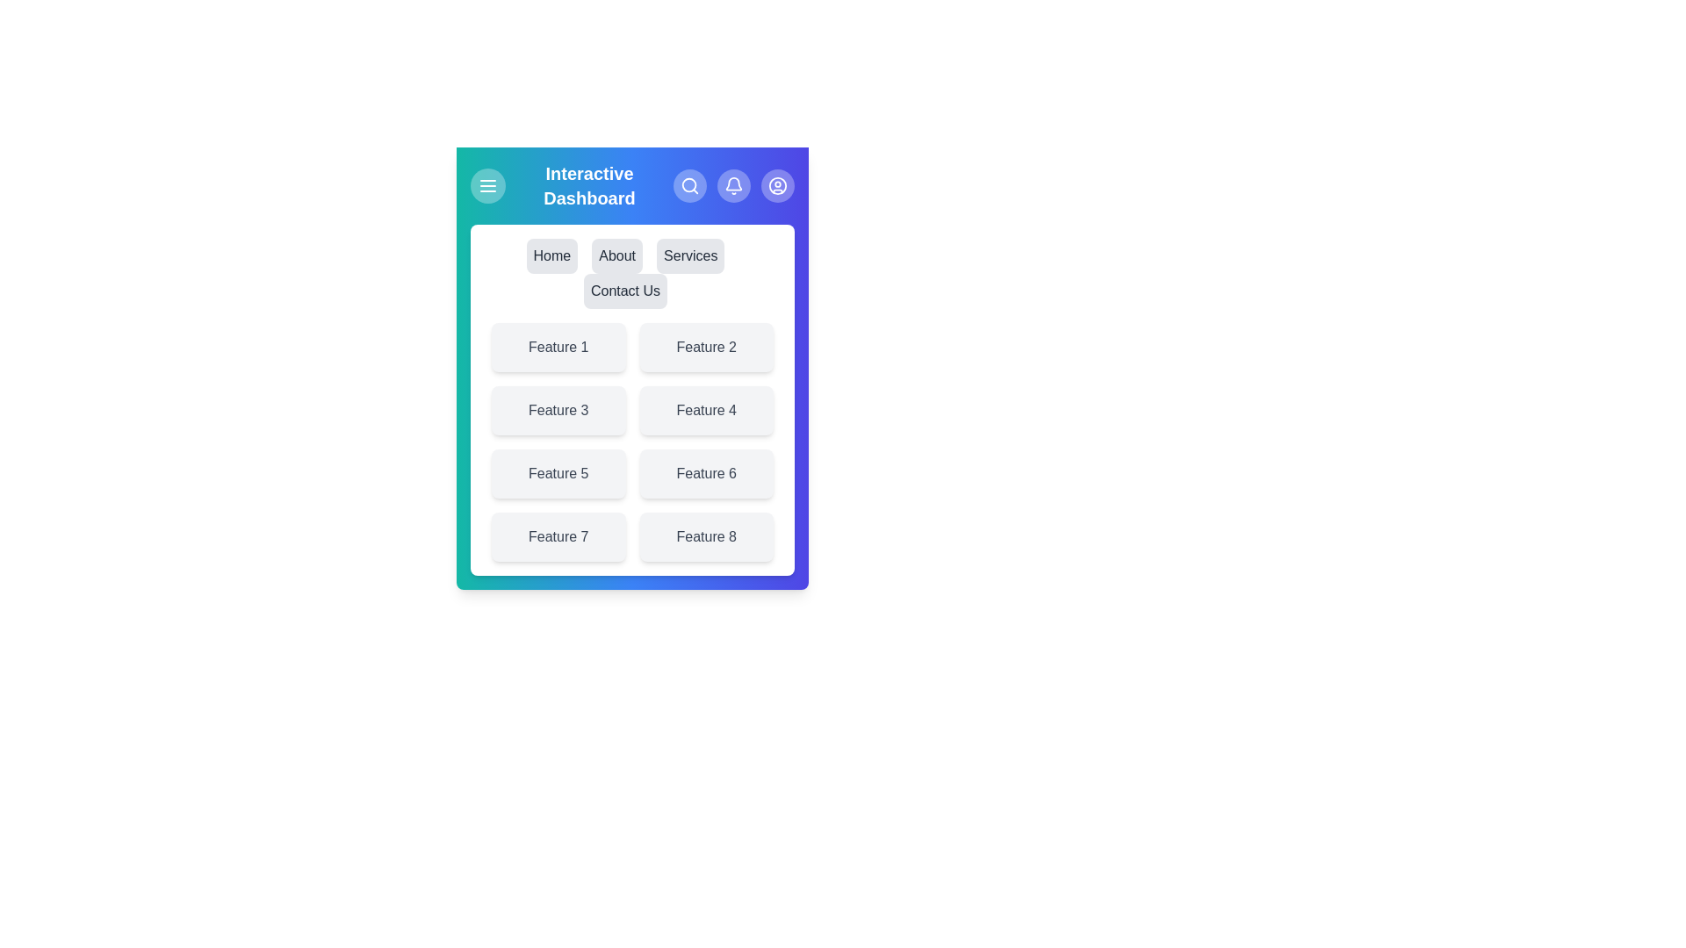  What do you see at coordinates (689, 186) in the screenshot?
I see `the search icon in the app bar` at bounding box center [689, 186].